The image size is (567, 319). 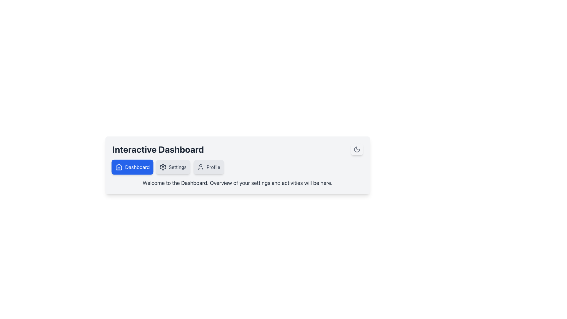 What do you see at coordinates (356, 149) in the screenshot?
I see `the crescent moon icon located at the top-right corner of the light gray panel` at bounding box center [356, 149].